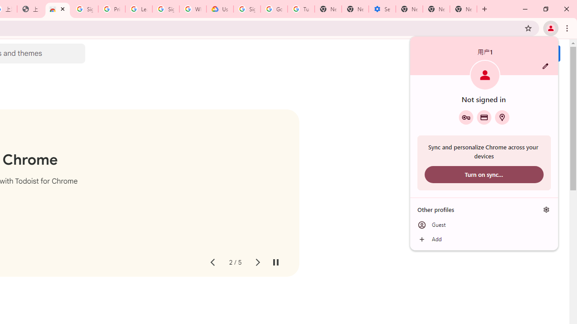 This screenshot has width=577, height=324. Describe the element at coordinates (256, 262) in the screenshot. I see `'Next slide'` at that location.